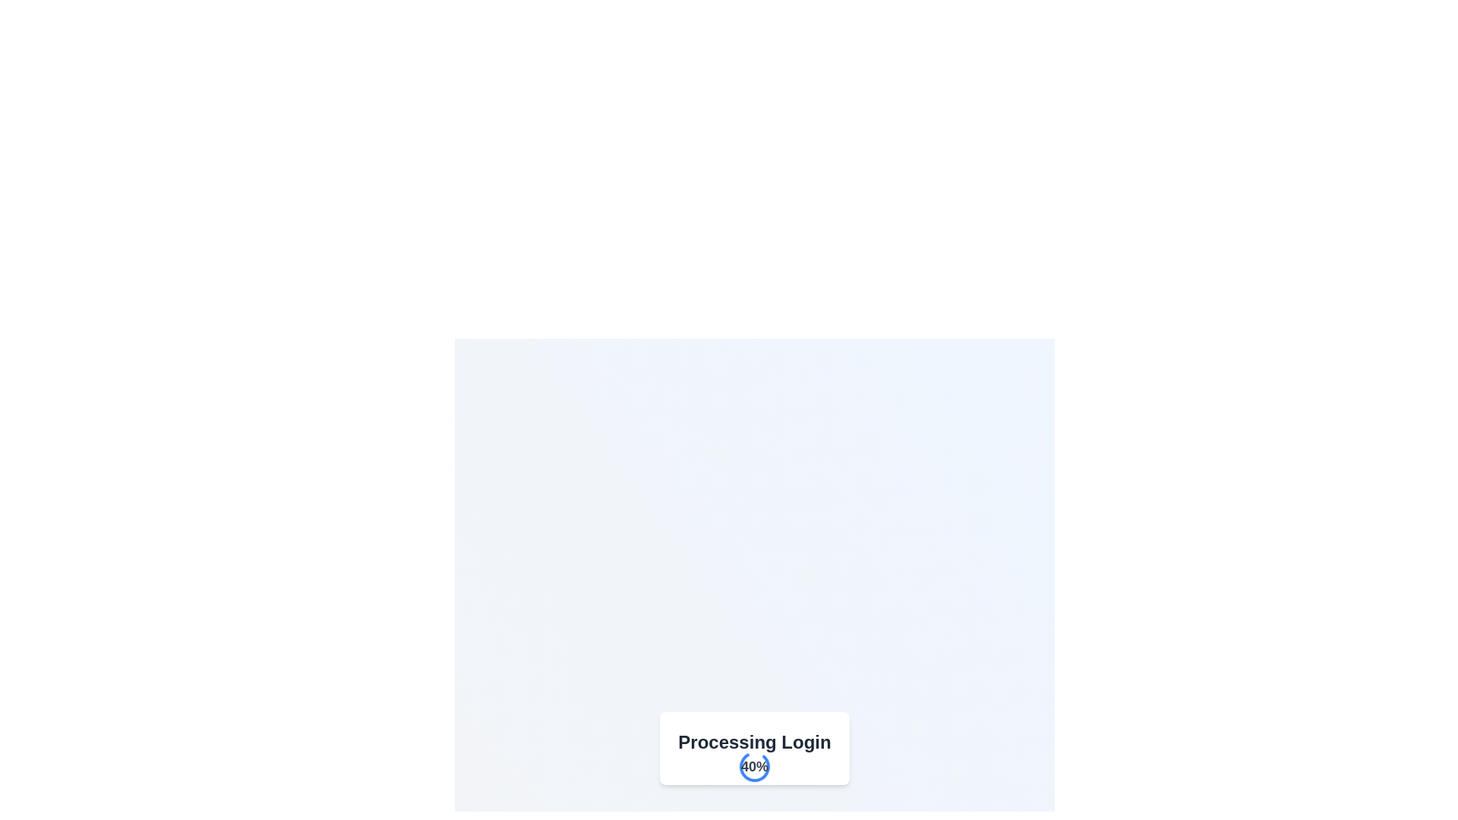  I want to click on the centrally positioned progress indicator that displays the current processing status and informs the user about the ongoing task completion, so click(754, 748).